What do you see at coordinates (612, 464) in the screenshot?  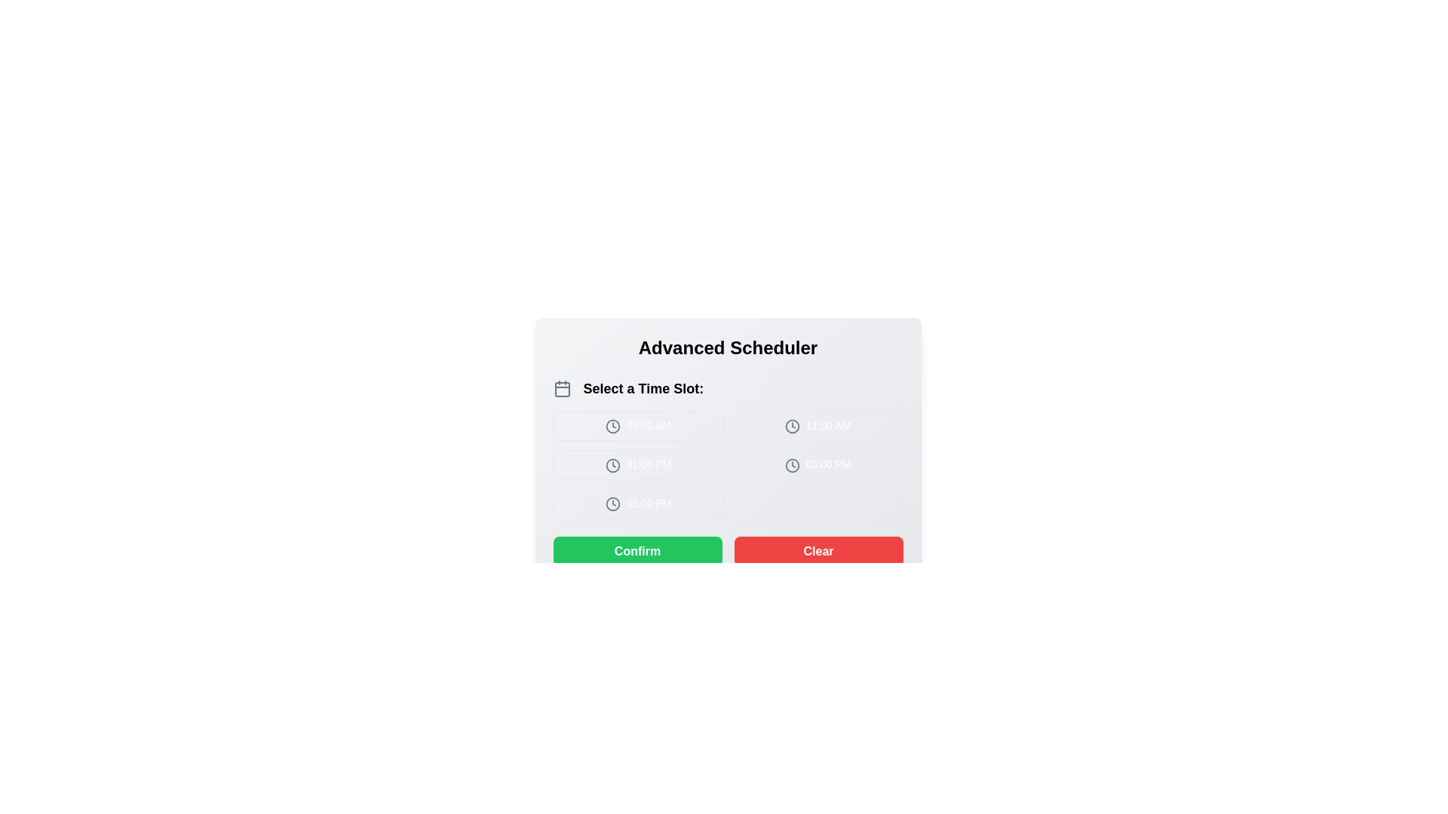 I see `the circular decorative element of the SVG clock drawing in the second row and first column under the 'Select a Time Slot' section` at bounding box center [612, 464].